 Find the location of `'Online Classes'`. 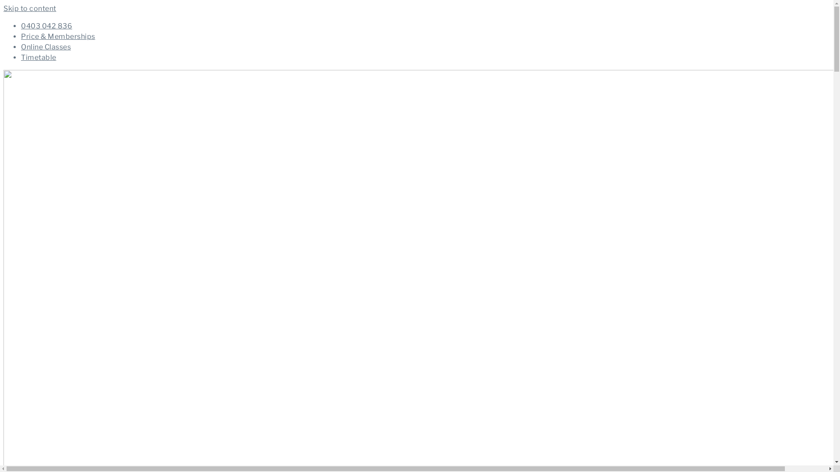

'Online Classes' is located at coordinates (21, 47).